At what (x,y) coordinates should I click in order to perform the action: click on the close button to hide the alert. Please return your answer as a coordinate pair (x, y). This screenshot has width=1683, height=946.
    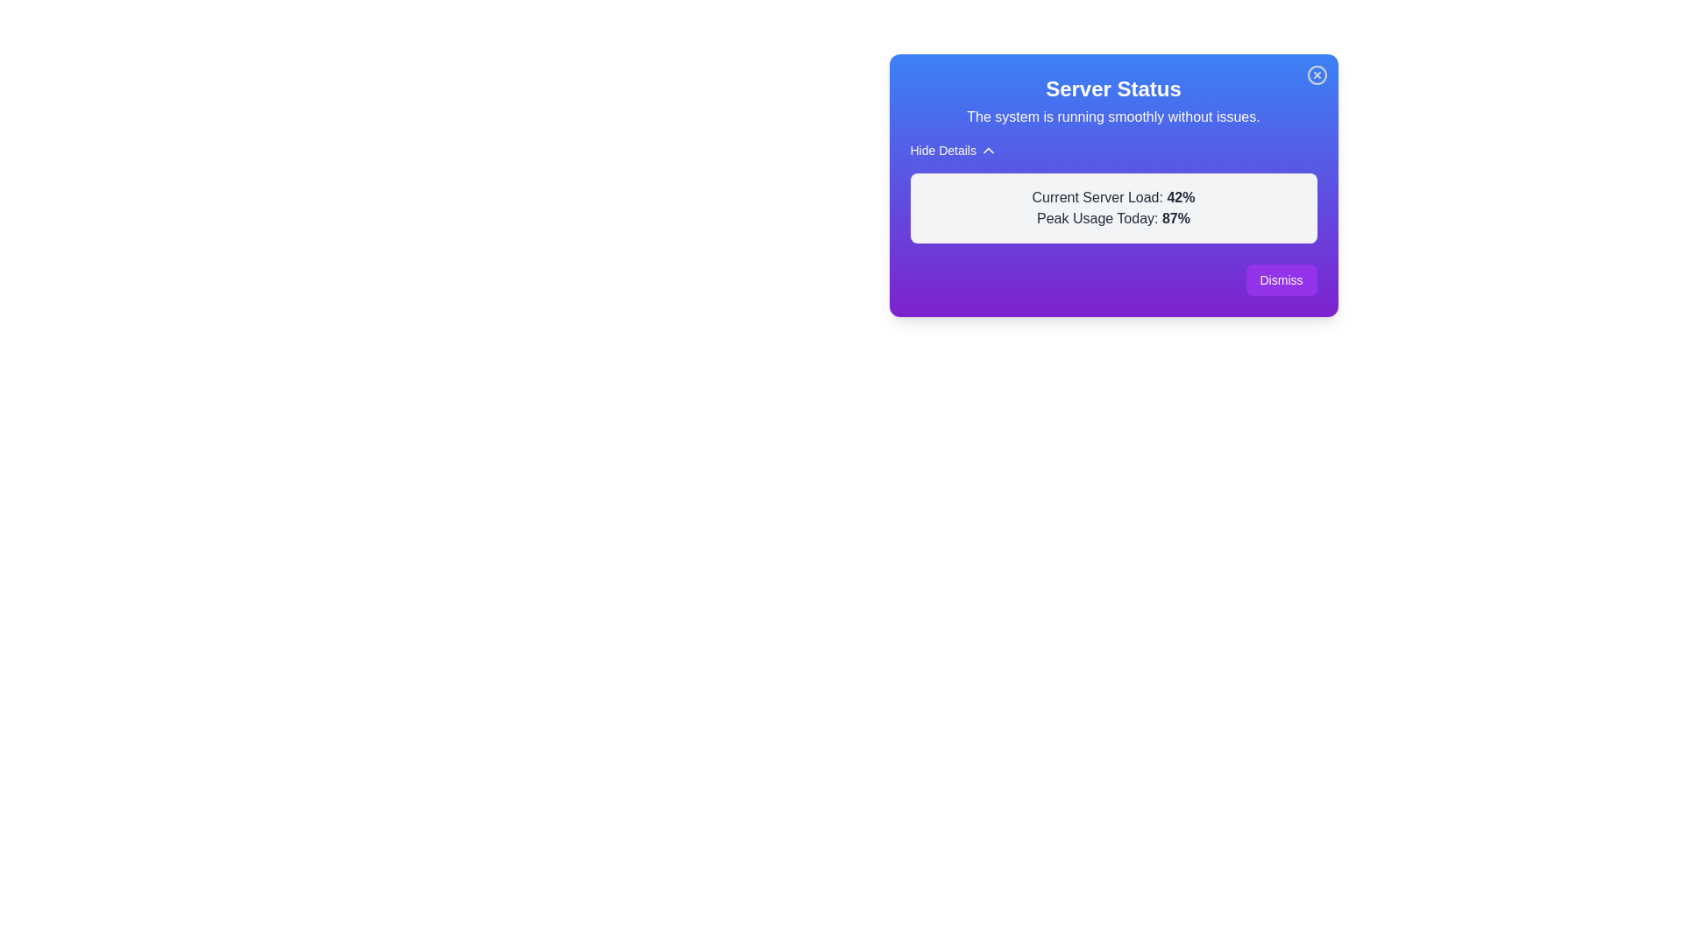
    Looking at the image, I should click on (1317, 74).